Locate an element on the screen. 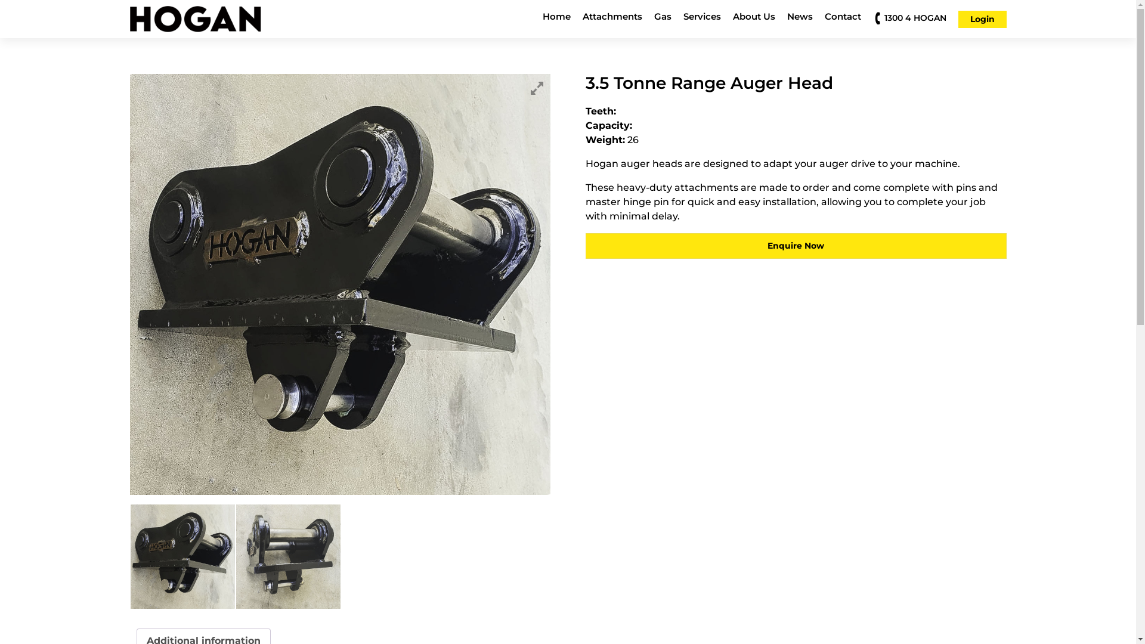  'Contact' is located at coordinates (841, 19).